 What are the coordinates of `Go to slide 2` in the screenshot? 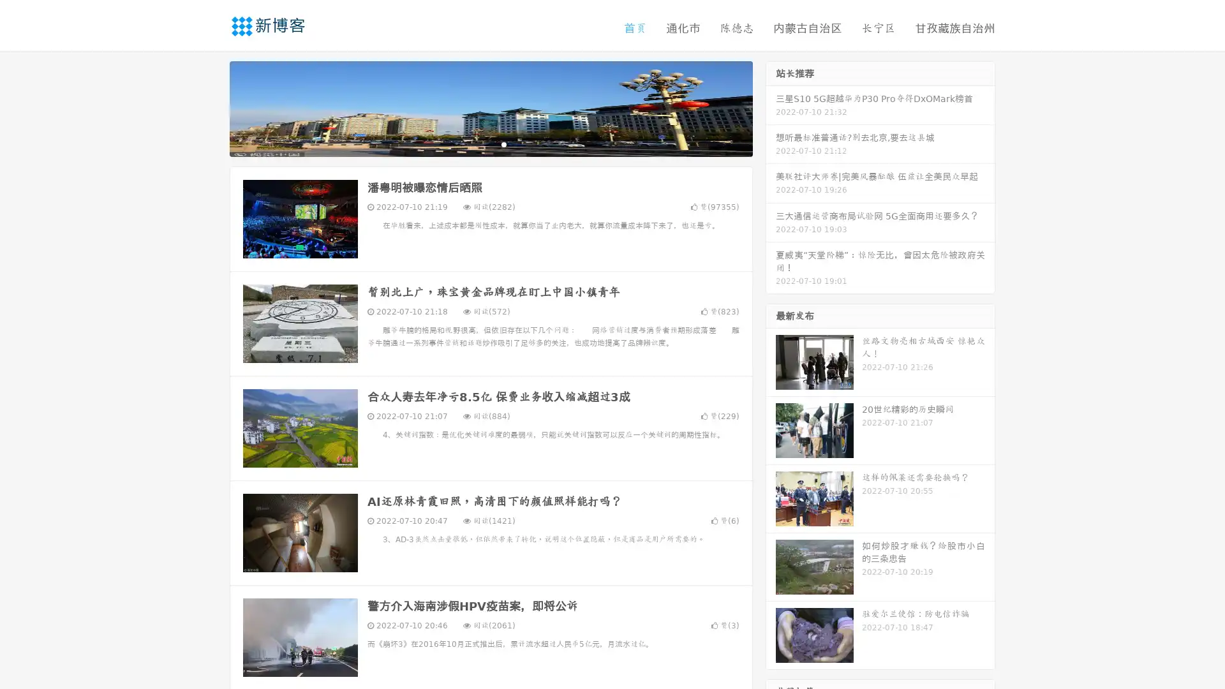 It's located at (490, 144).